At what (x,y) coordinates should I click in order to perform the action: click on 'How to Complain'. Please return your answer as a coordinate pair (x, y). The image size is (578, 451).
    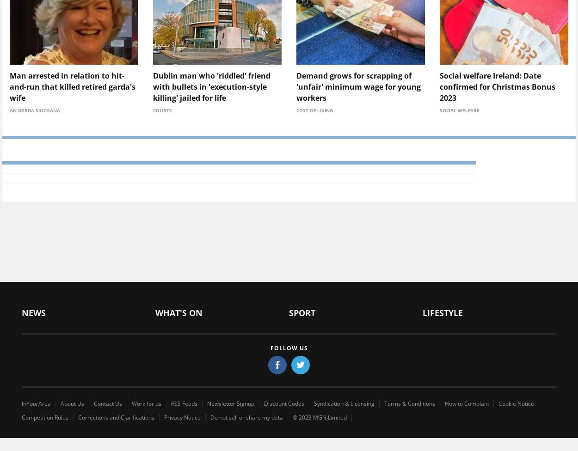
    Looking at the image, I should click on (467, 403).